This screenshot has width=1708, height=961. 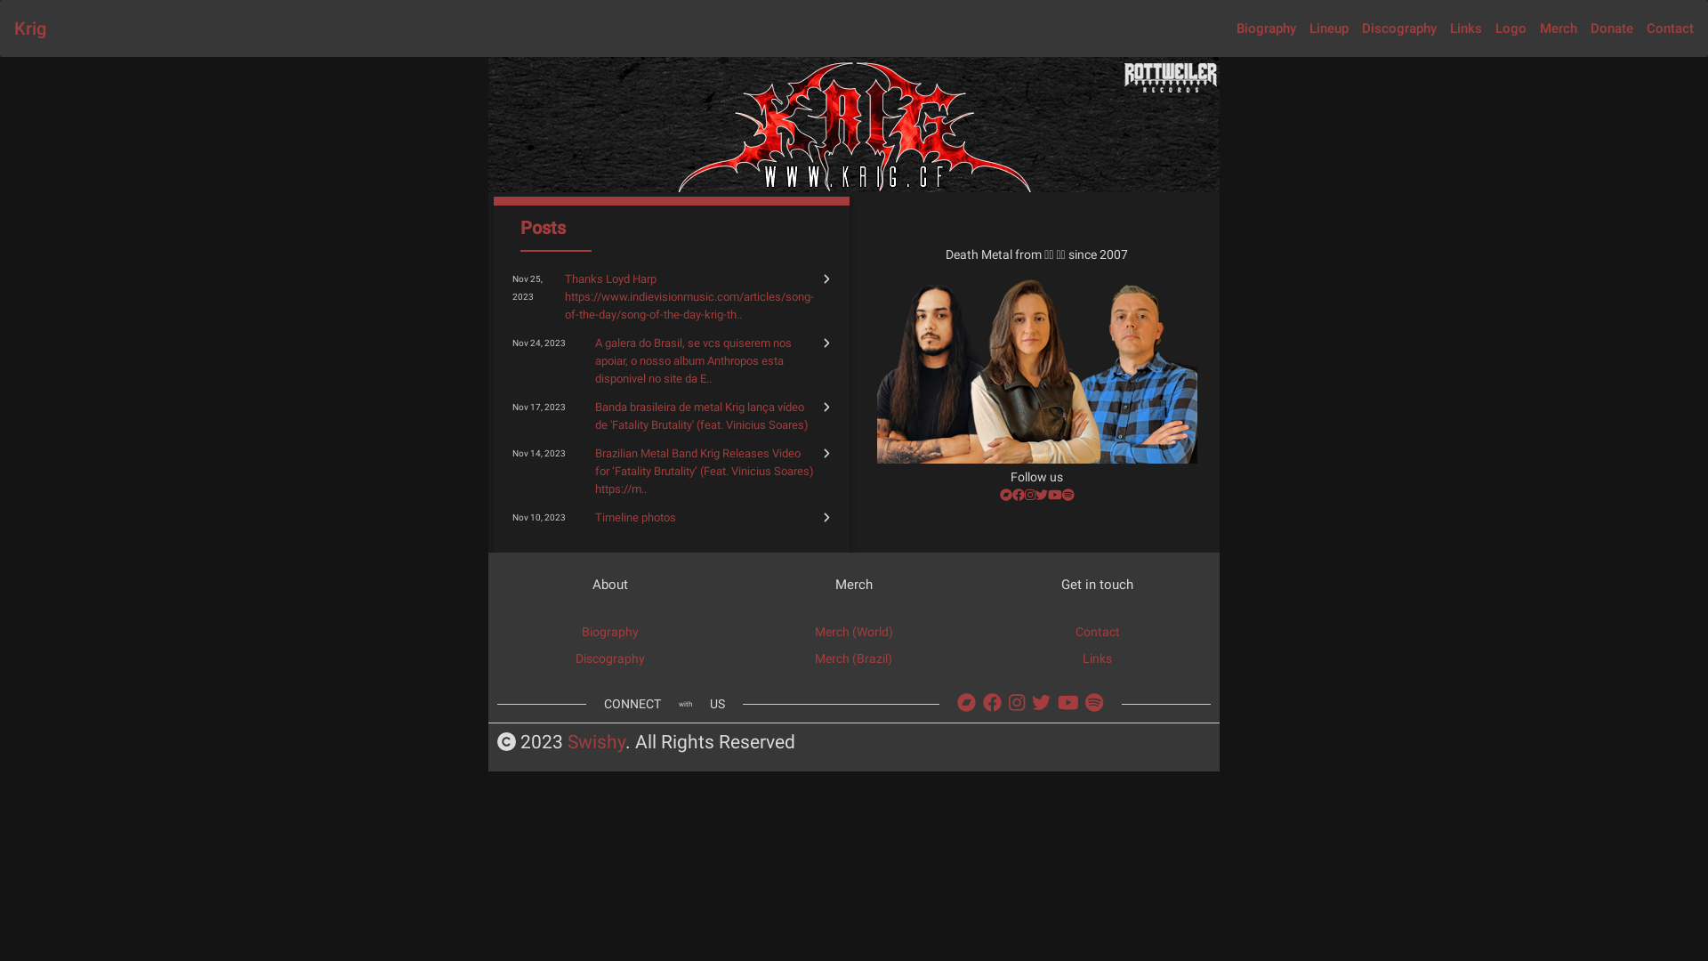 I want to click on 'Discography', so click(x=610, y=658).